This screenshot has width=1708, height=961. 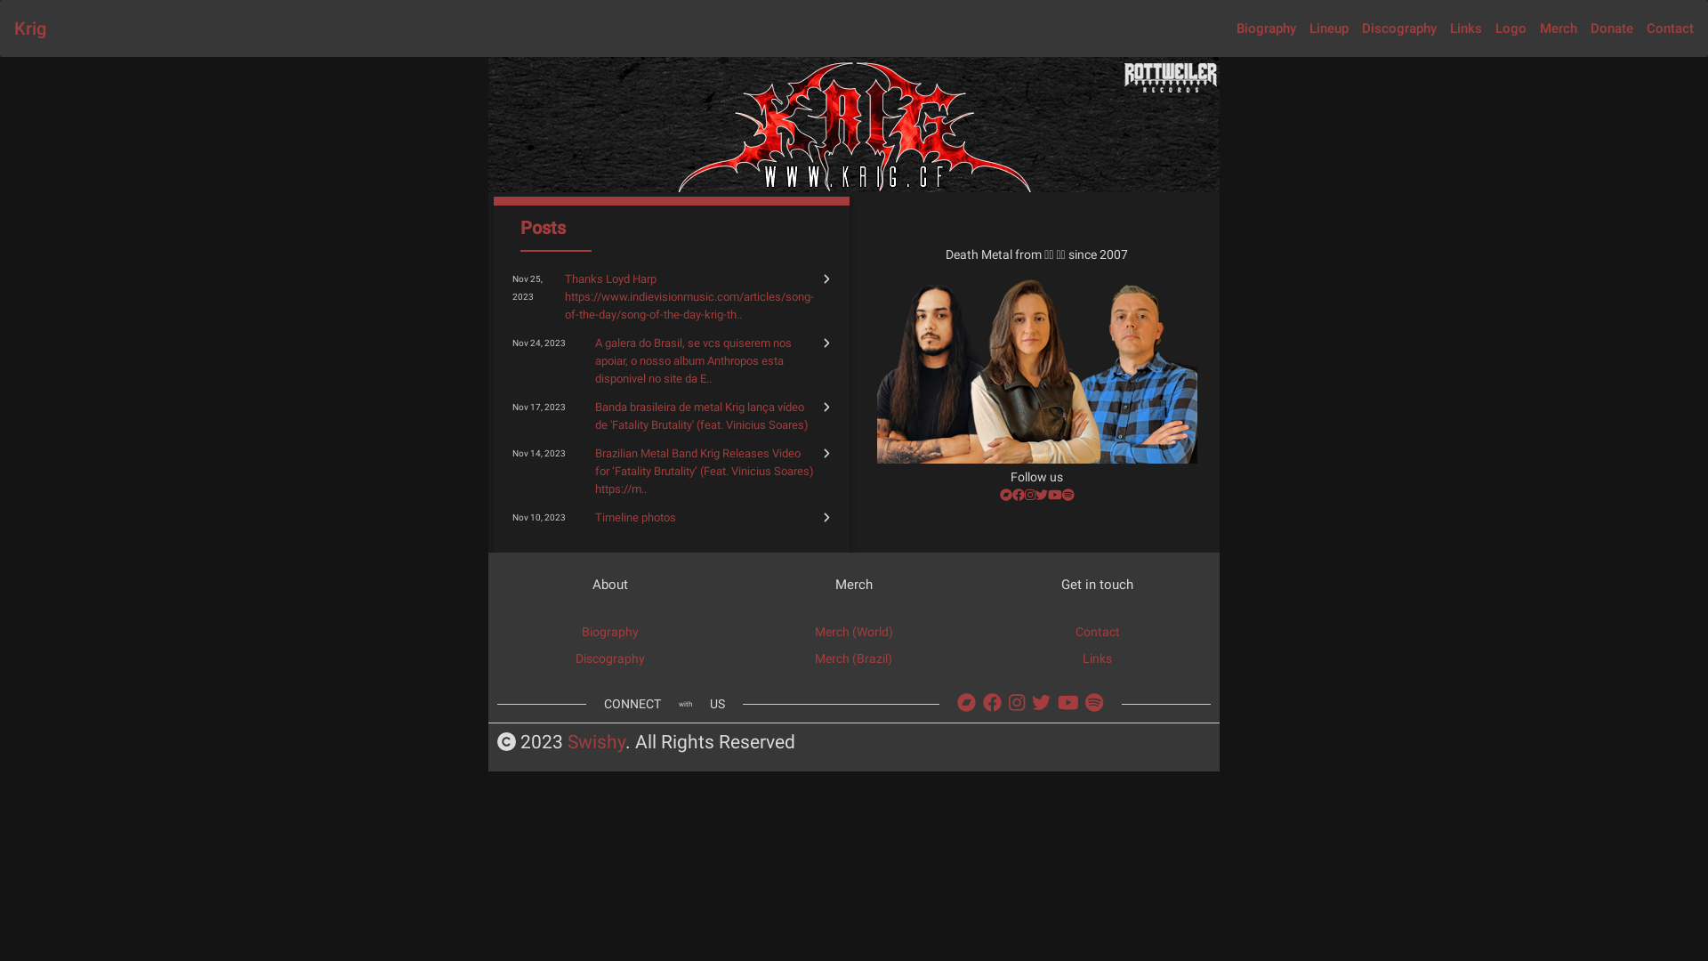 I want to click on 'Discography', so click(x=610, y=658).